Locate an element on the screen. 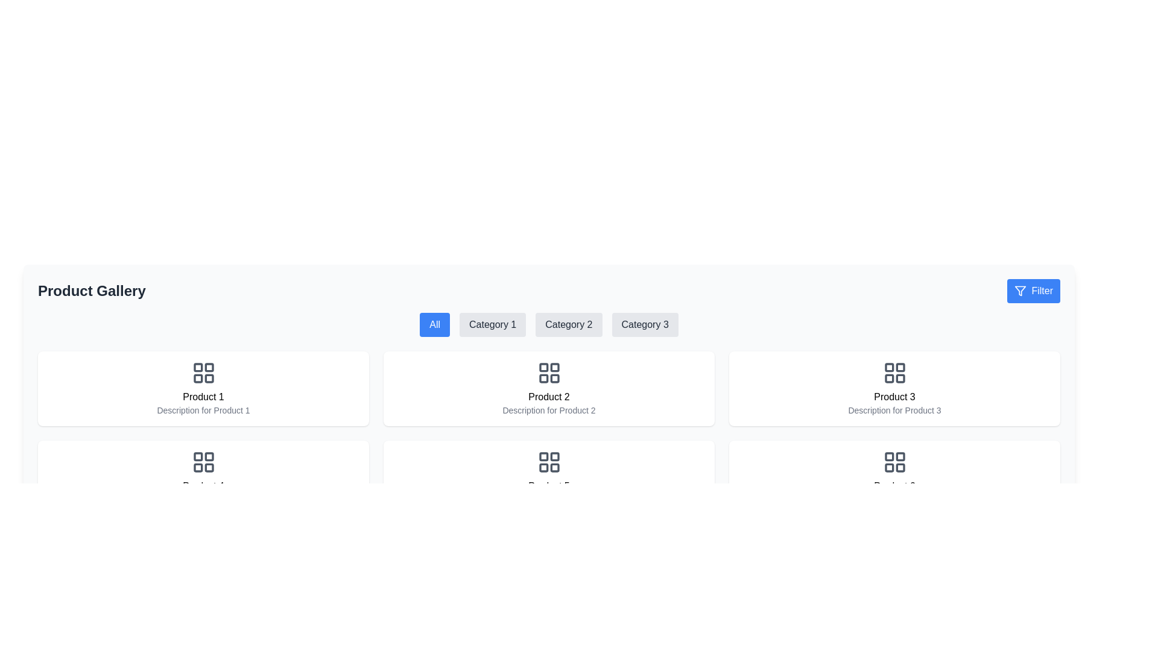 The height and width of the screenshot is (651, 1158). the 'Category 1' button, which is the second button from the left in a group of four buttons at the top of the page is located at coordinates (493, 324).